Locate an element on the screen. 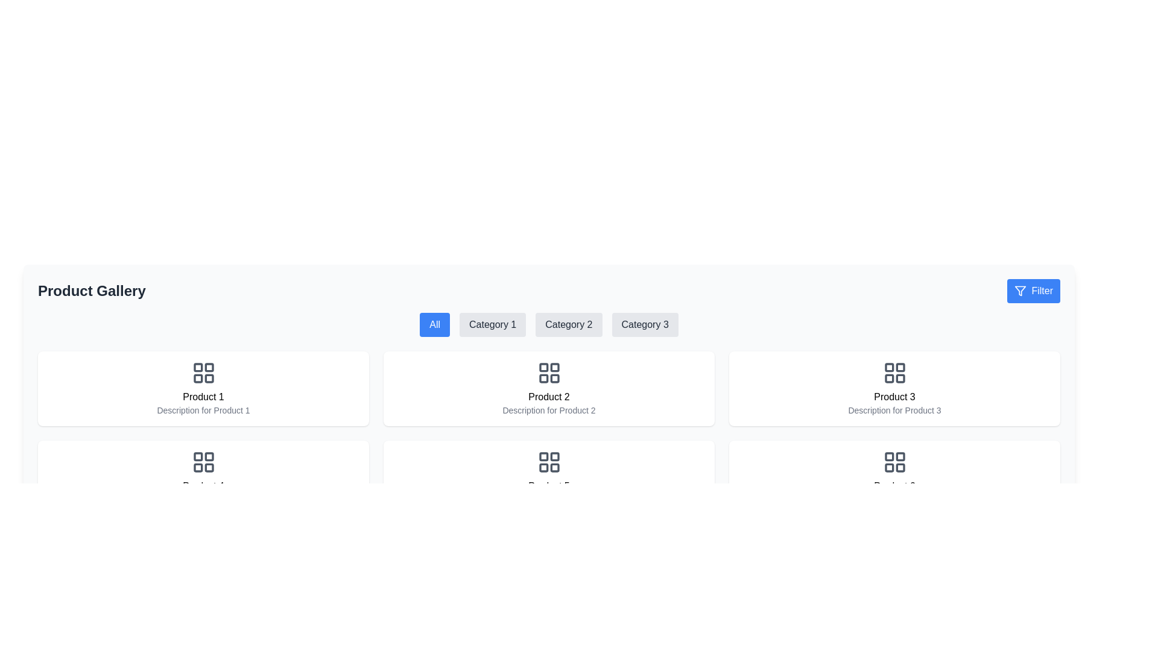 The height and width of the screenshot is (651, 1158). the 'Category 1' button, which is the second button from the left in a group of four buttons at the top of the page is located at coordinates (493, 324).